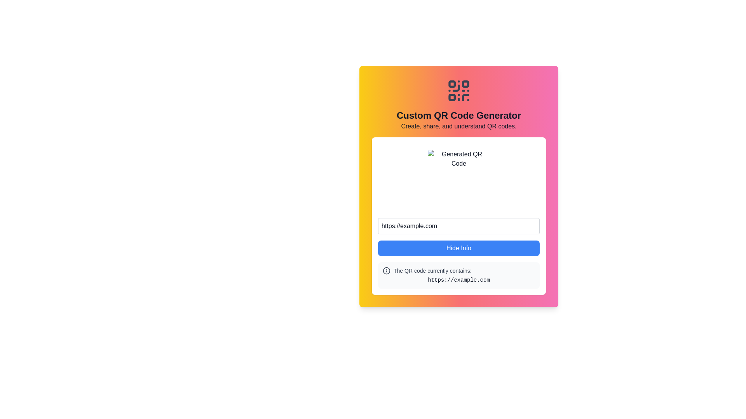 The height and width of the screenshot is (419, 746). I want to click on the small, square-shaped decorative element located at the top-left corner of the QR code layout, so click(452, 84).